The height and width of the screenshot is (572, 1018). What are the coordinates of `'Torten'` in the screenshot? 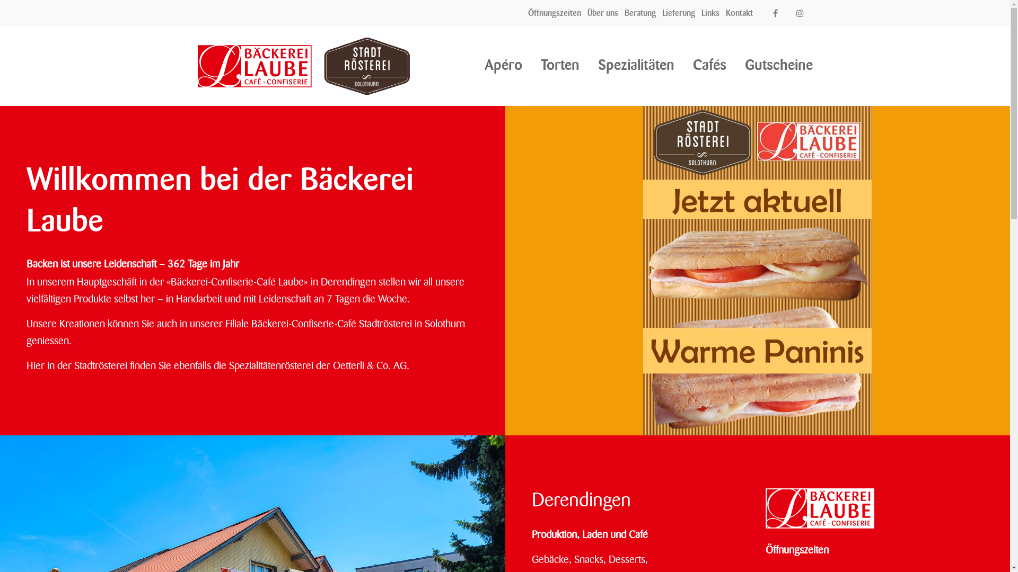 It's located at (540, 65).